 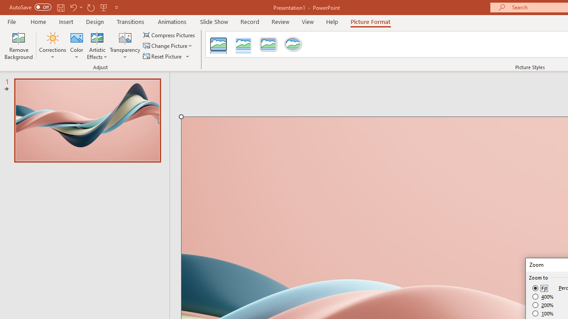 What do you see at coordinates (543, 296) in the screenshot?
I see `'400%'` at bounding box center [543, 296].